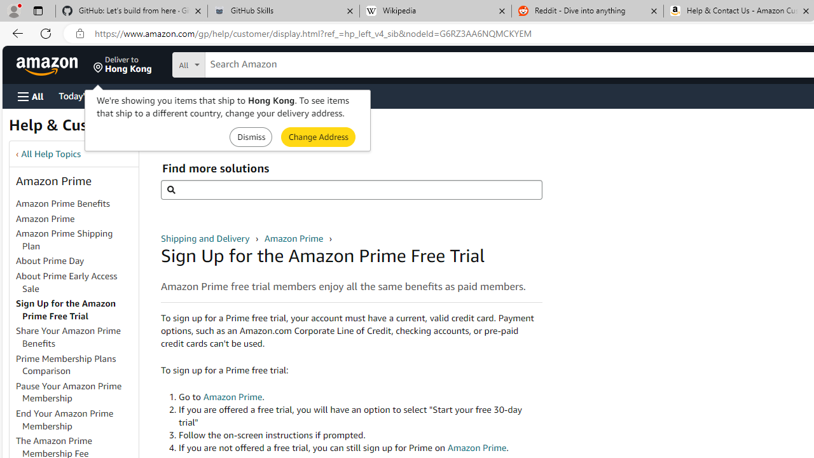 The width and height of the screenshot is (814, 458). I want to click on 'About Prime Early Access Sale', so click(76, 282).